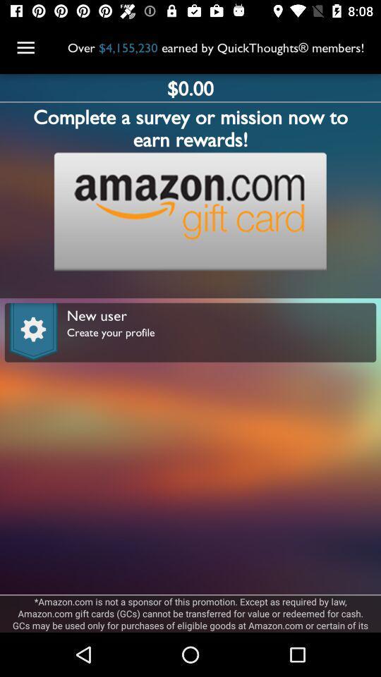 The height and width of the screenshot is (677, 381). Describe the element at coordinates (25, 48) in the screenshot. I see `the icon at the top left corner` at that location.